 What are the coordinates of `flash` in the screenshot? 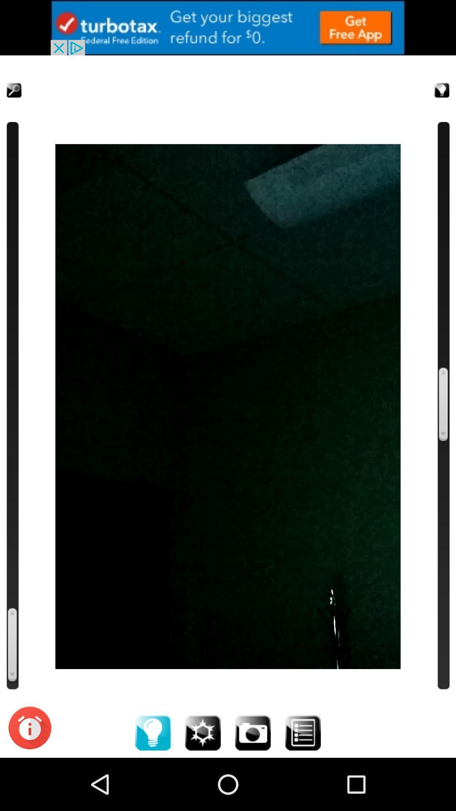 It's located at (203, 732).